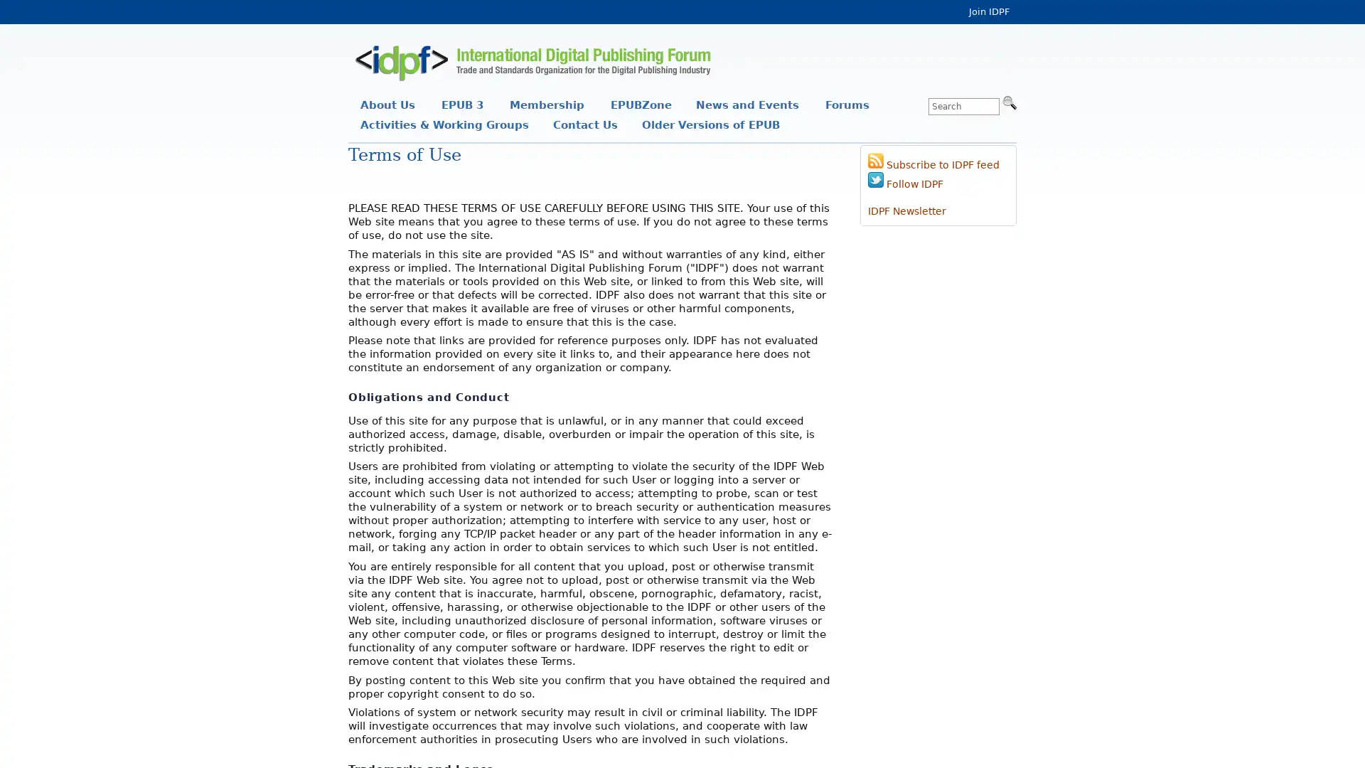  Describe the element at coordinates (1009, 101) in the screenshot. I see `Go` at that location.